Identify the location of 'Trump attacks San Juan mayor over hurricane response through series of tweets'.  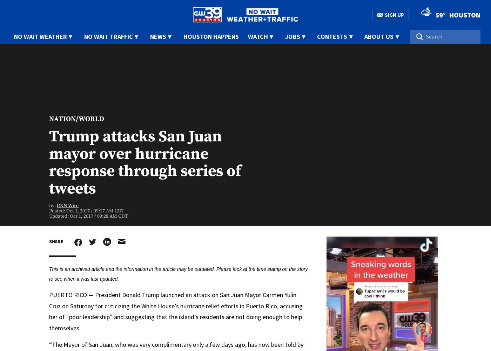
(49, 162).